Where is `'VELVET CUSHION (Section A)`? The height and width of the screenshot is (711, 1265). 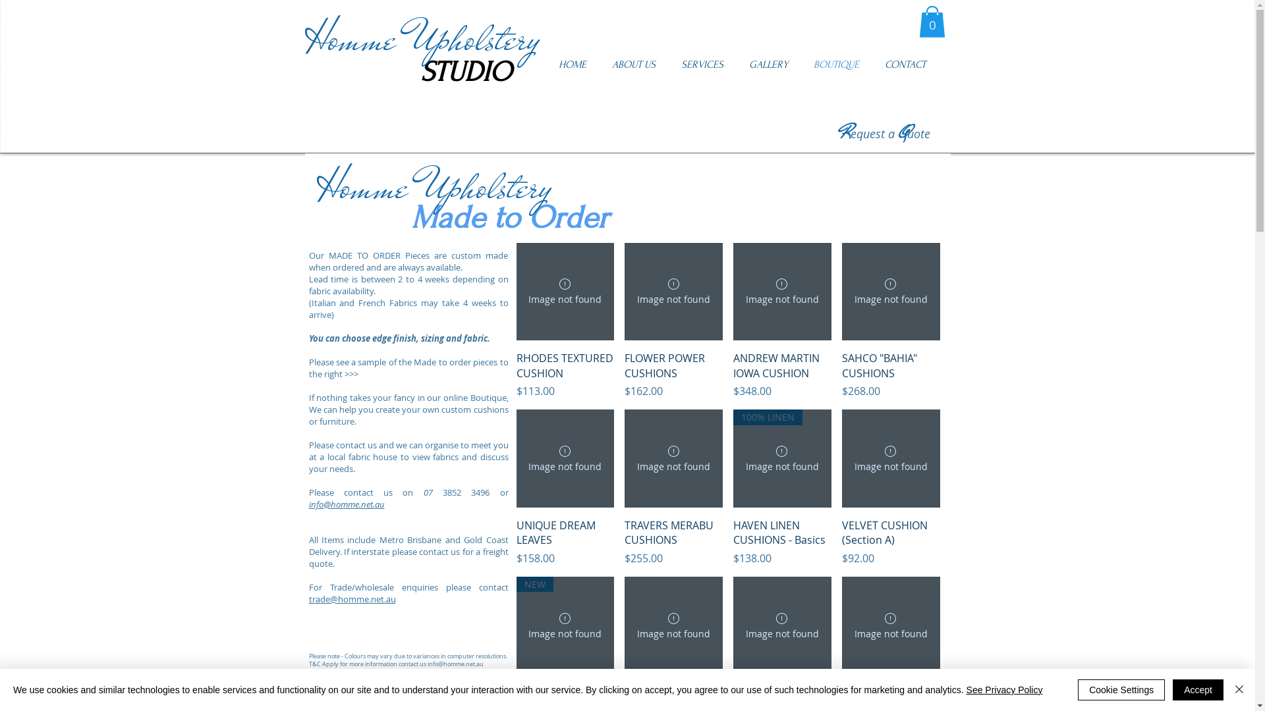 'VELVET CUSHION (Section A) is located at coordinates (891, 542).